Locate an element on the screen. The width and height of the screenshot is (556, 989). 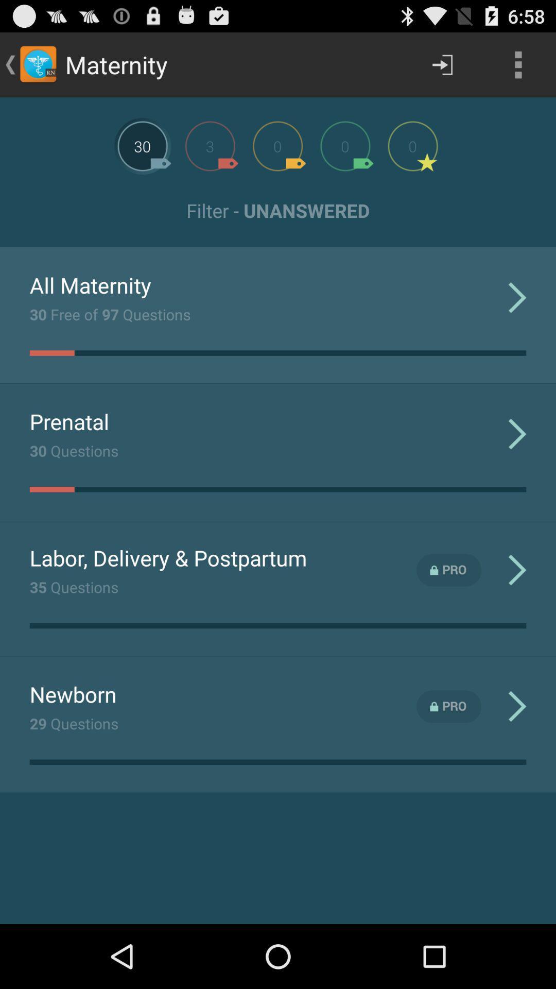
the second icon from the left is located at coordinates (210, 145).